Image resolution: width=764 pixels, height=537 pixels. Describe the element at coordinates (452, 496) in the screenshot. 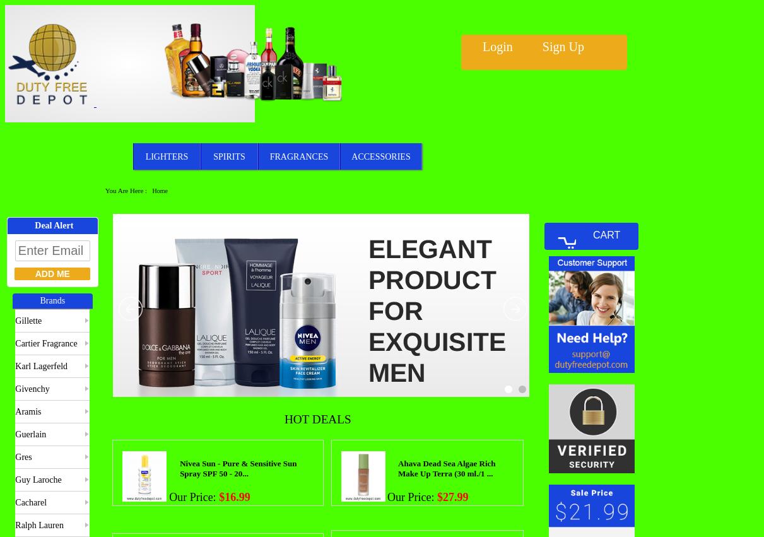

I see `'$27.99'` at that location.